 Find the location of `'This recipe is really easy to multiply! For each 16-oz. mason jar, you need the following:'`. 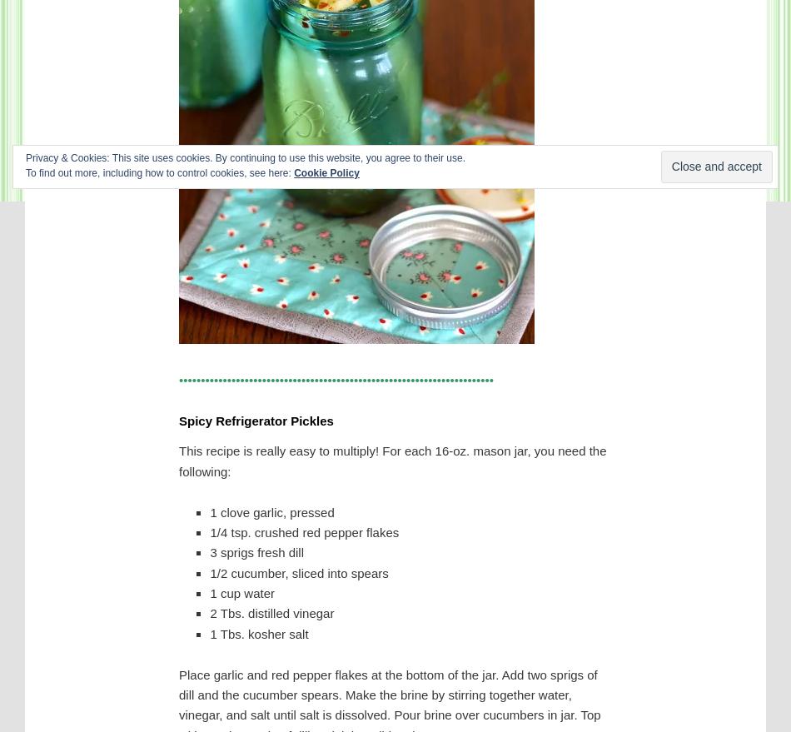

'This recipe is really easy to multiply! For each 16-oz. mason jar, you need the following:' is located at coordinates (391, 461).